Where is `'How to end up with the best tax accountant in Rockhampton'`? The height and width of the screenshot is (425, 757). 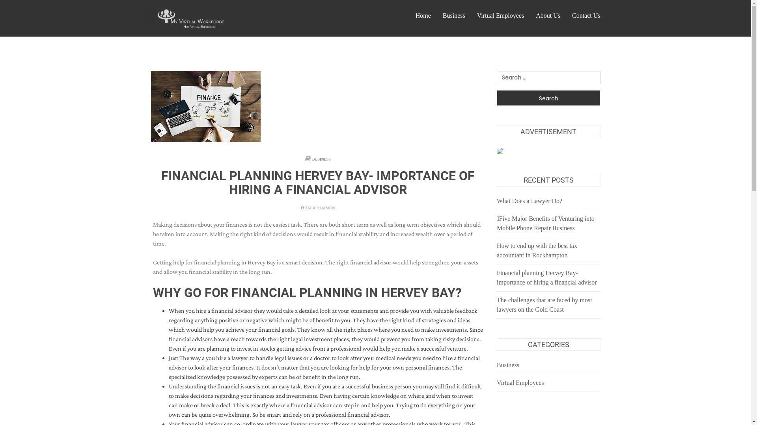 'How to end up with the best tax accountant in Rockhampton' is located at coordinates (537, 250).